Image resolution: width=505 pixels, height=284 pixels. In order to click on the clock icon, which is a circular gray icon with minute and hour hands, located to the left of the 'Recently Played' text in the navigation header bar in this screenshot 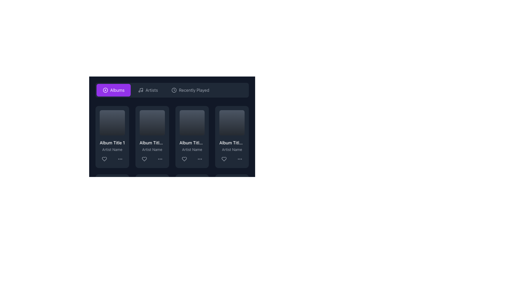, I will do `click(174, 90)`.